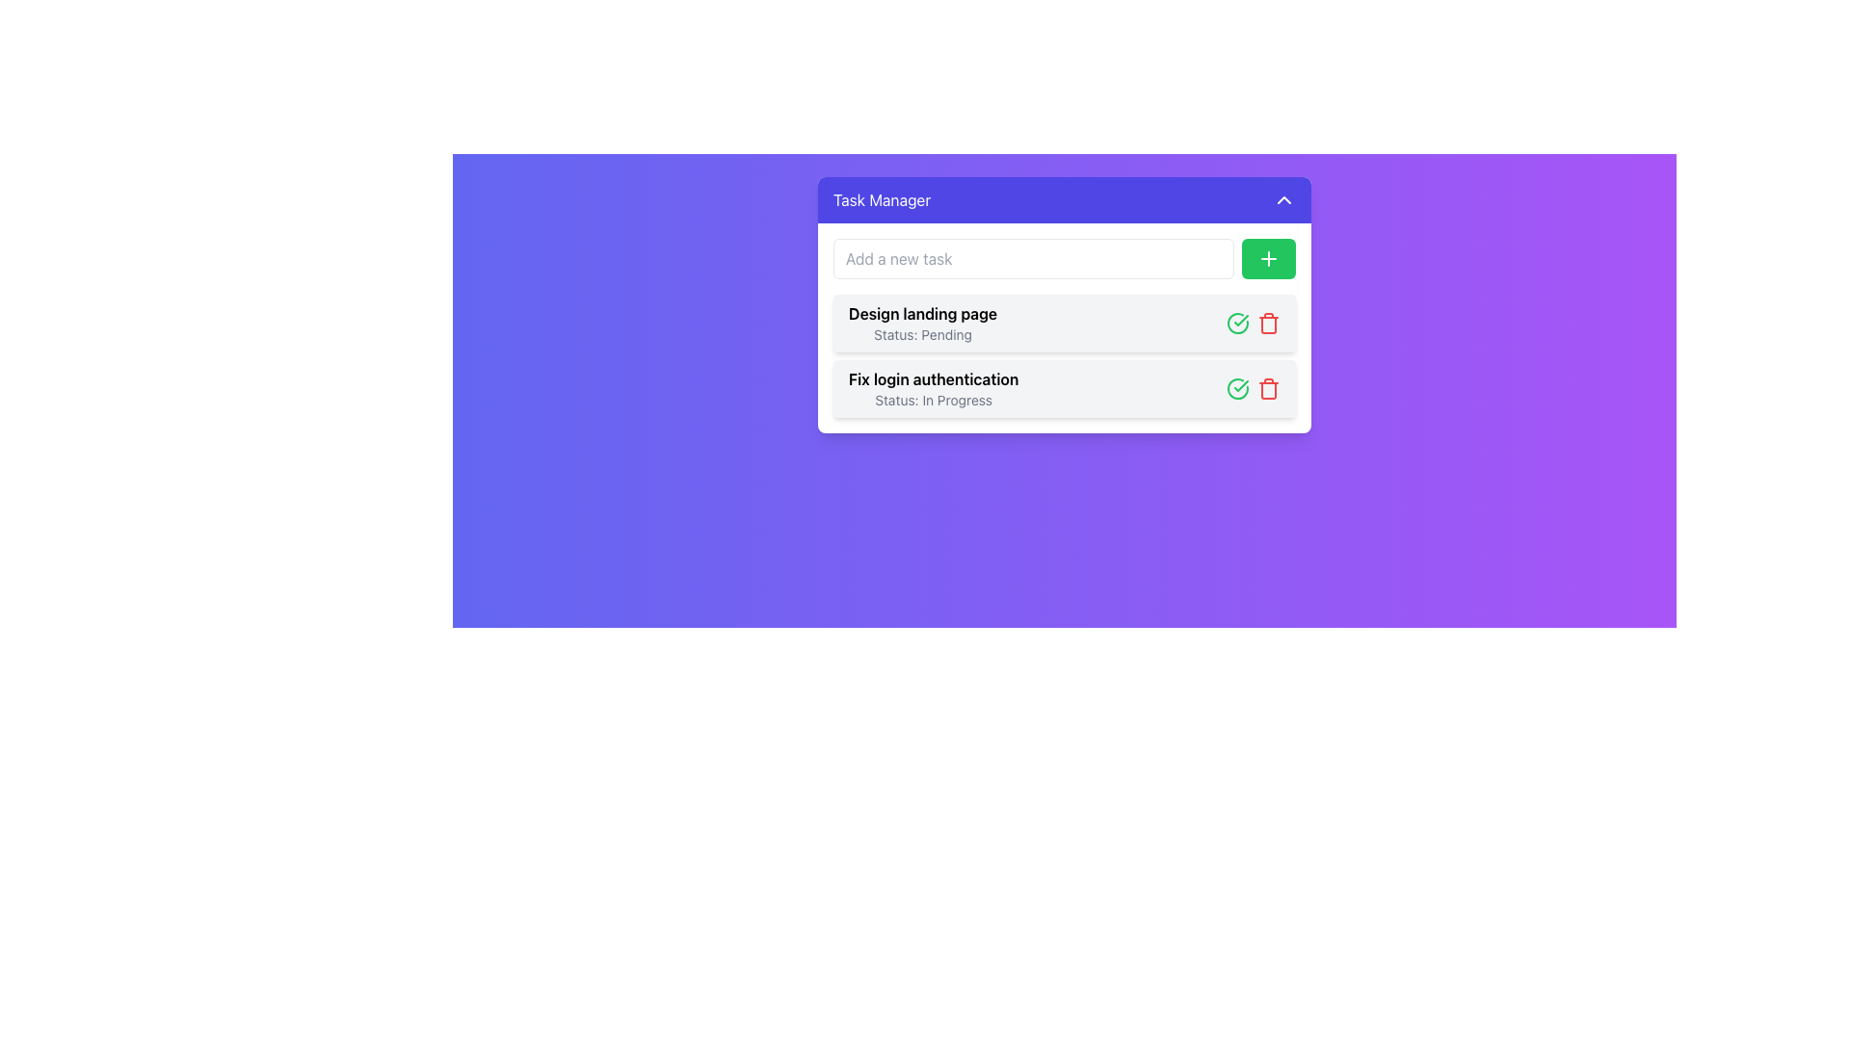 The width and height of the screenshot is (1850, 1040). Describe the element at coordinates (934, 389) in the screenshot. I see `the static text component displaying 'Status: In Progress', which is the second task in the task list below 'Design landing page'` at that location.